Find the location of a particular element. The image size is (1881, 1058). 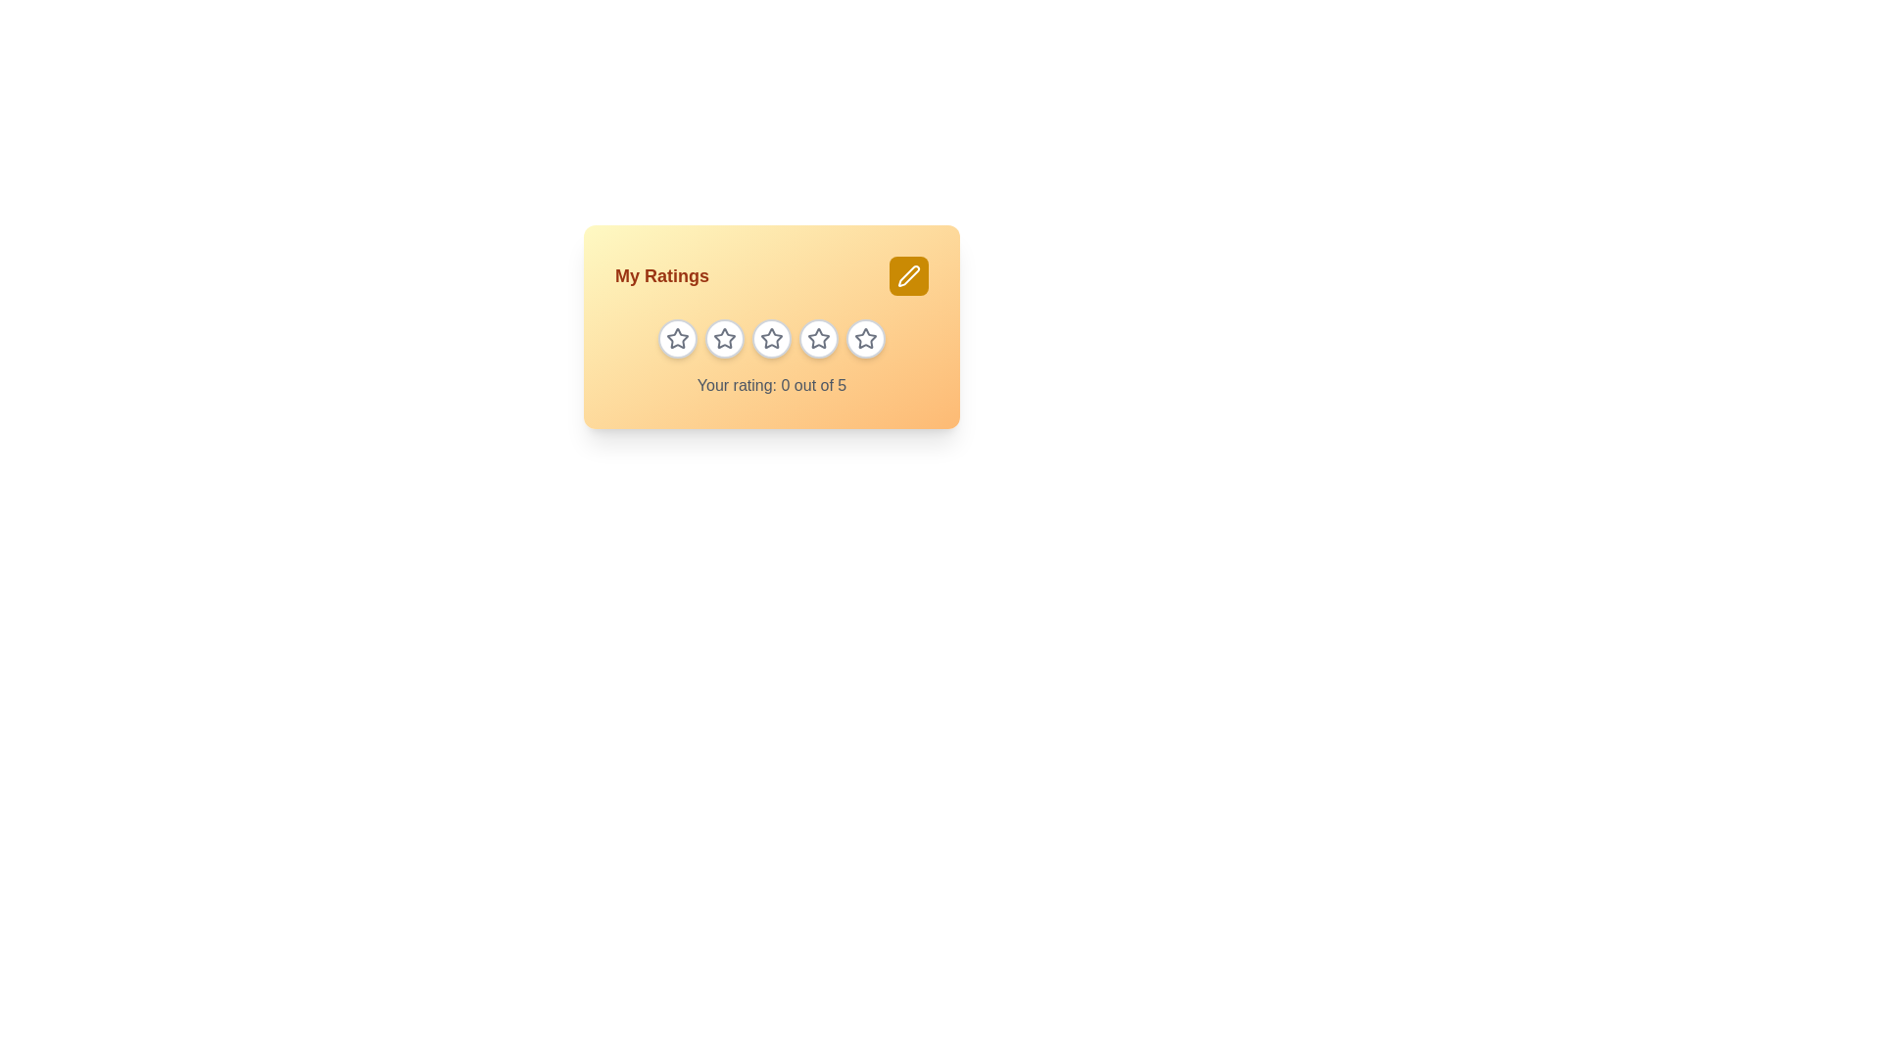

on the fourth star icon in the rating component of the 'My Ratings' card is located at coordinates (818, 338).